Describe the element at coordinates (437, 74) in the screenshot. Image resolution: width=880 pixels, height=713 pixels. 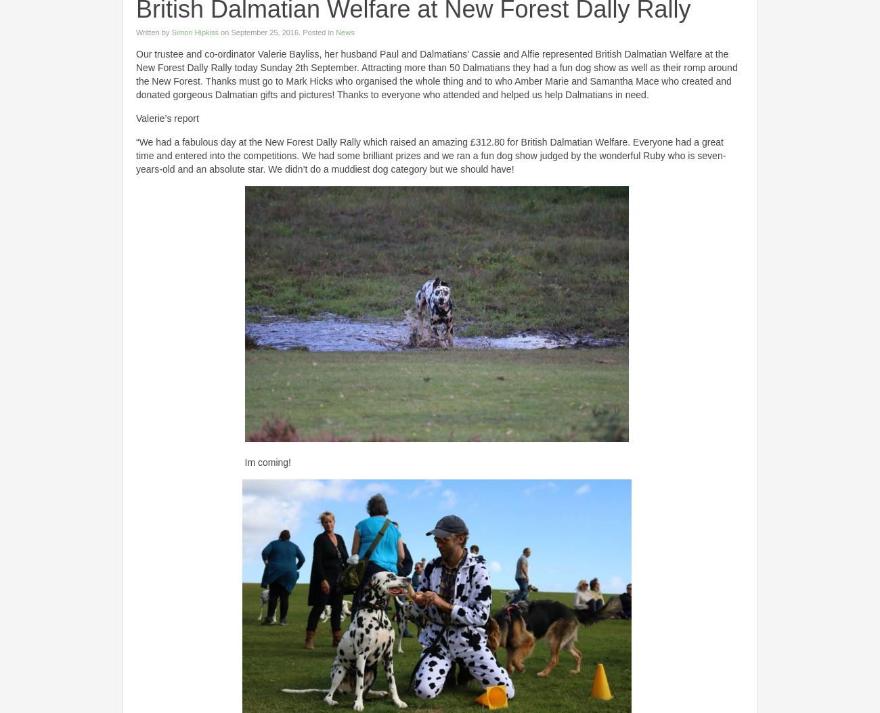
I see `'Our trustee and co-ordinator Valerie Bayliss, her husband Paul and Dalmatians’ Cassie and Alfie represented British Dalmatian Welfare at the New Forest Dally Rally today Sunday 2th September. Attracting more than 50 Dalmatians they had a fun dog show as well as their romp around the New Forest. Thanks must go to Mark Hicks who organised the whole thing and to who Amber Marie and Samantha Mace who created and donated gorgeous Dalmatian gifts and pictures! Thanks to everyone who attended and helped us help Dalmatians in need.'` at that location.